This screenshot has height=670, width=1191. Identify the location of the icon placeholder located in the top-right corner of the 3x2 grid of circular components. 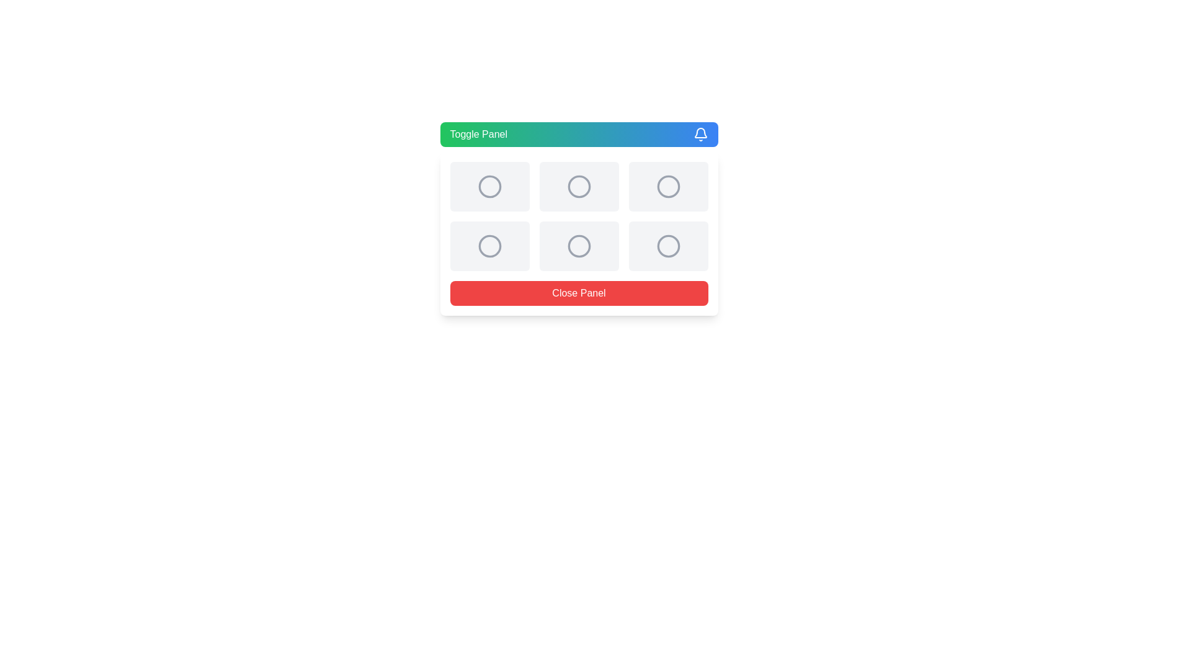
(667, 186).